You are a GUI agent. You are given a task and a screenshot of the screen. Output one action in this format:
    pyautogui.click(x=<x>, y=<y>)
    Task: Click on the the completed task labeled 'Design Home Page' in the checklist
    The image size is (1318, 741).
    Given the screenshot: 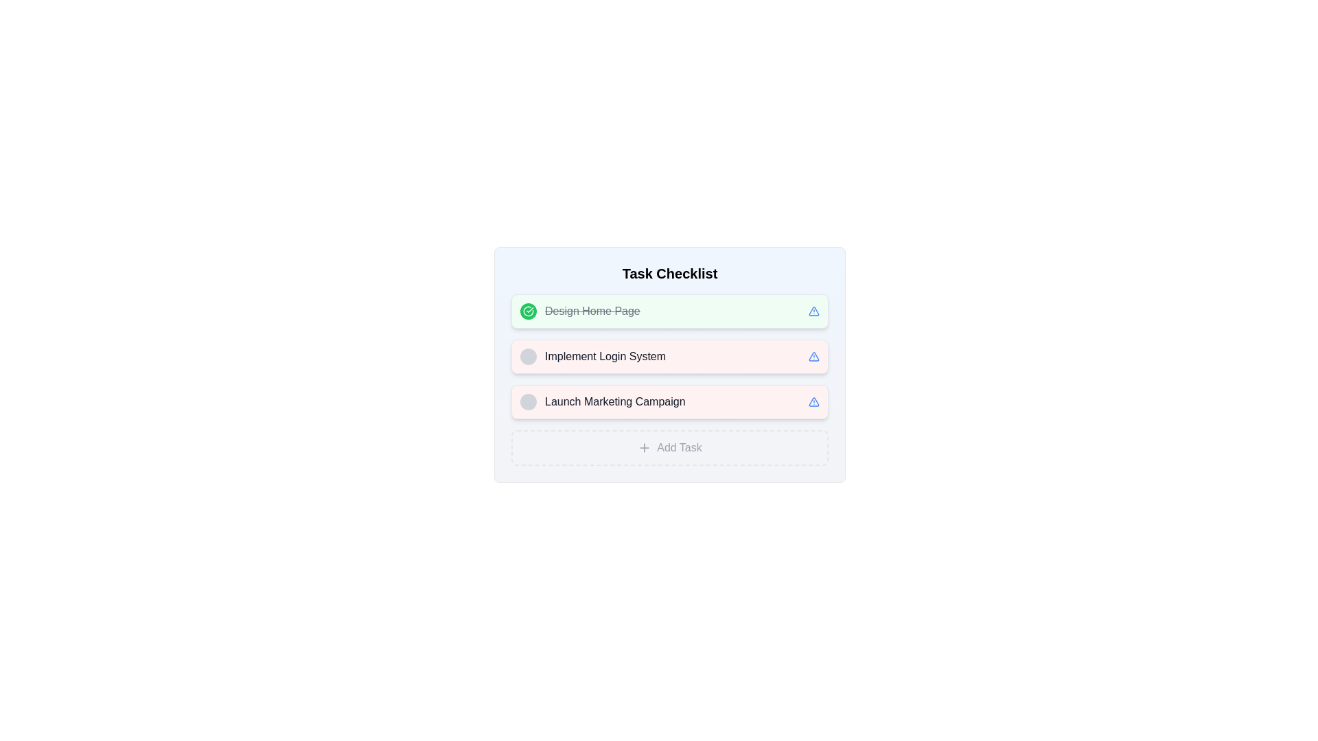 What is the action you would take?
    pyautogui.click(x=580, y=311)
    